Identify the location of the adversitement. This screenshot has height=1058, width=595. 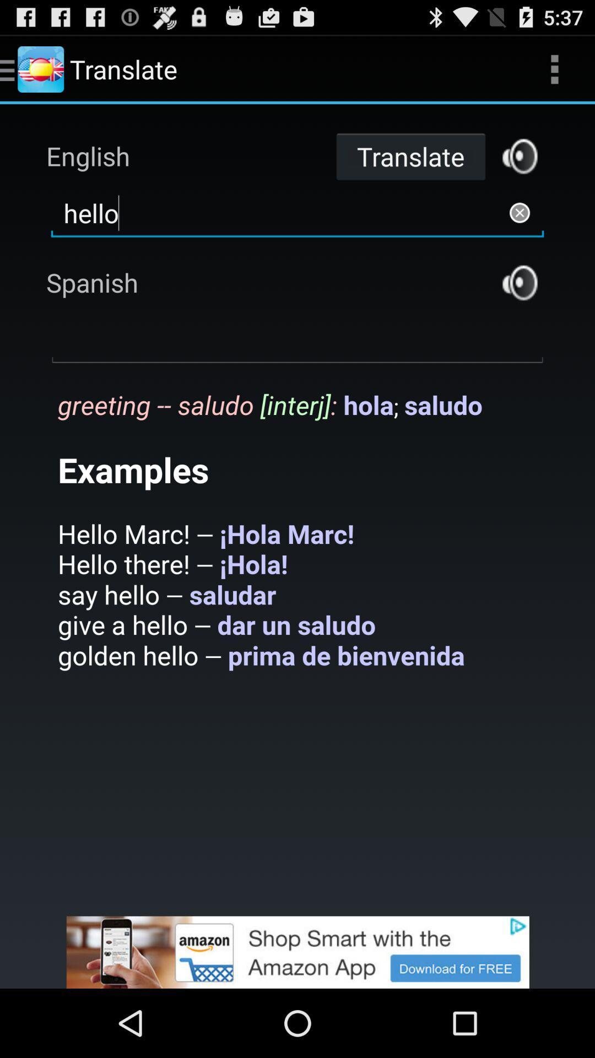
(297, 952).